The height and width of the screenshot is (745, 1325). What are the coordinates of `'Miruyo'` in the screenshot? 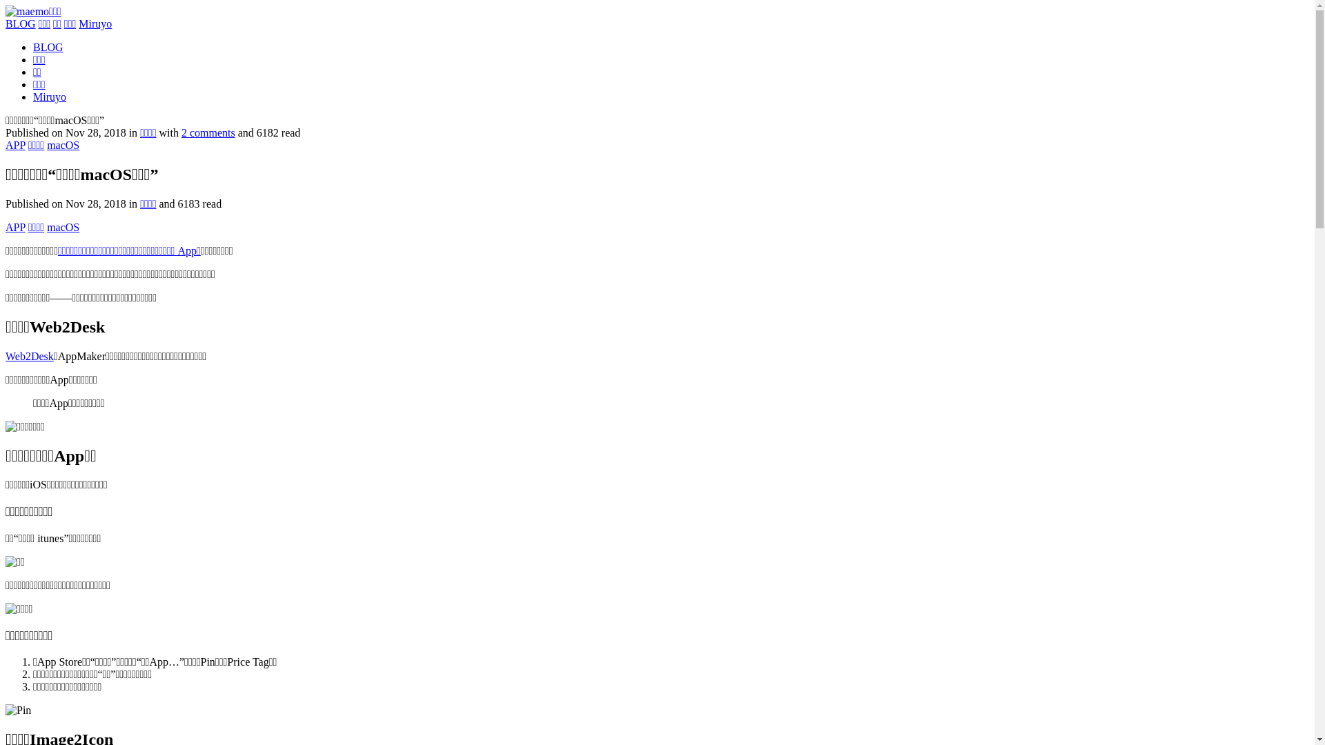 It's located at (50, 96).